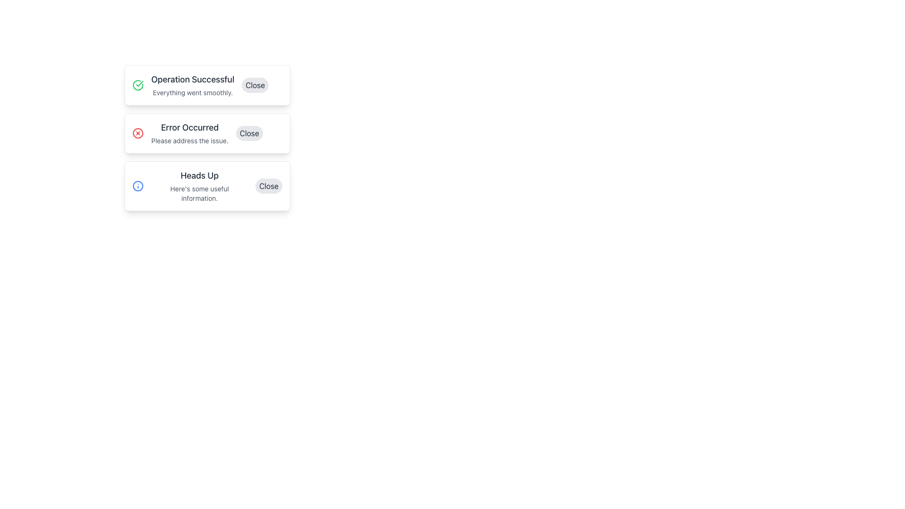 This screenshot has height=509, width=905. I want to click on the bold, large-font text element reading 'Heads Up', which is styled with a medium-weight font and dark gray color, located in the third section of a vertically stacked list of notifications, so click(199, 176).